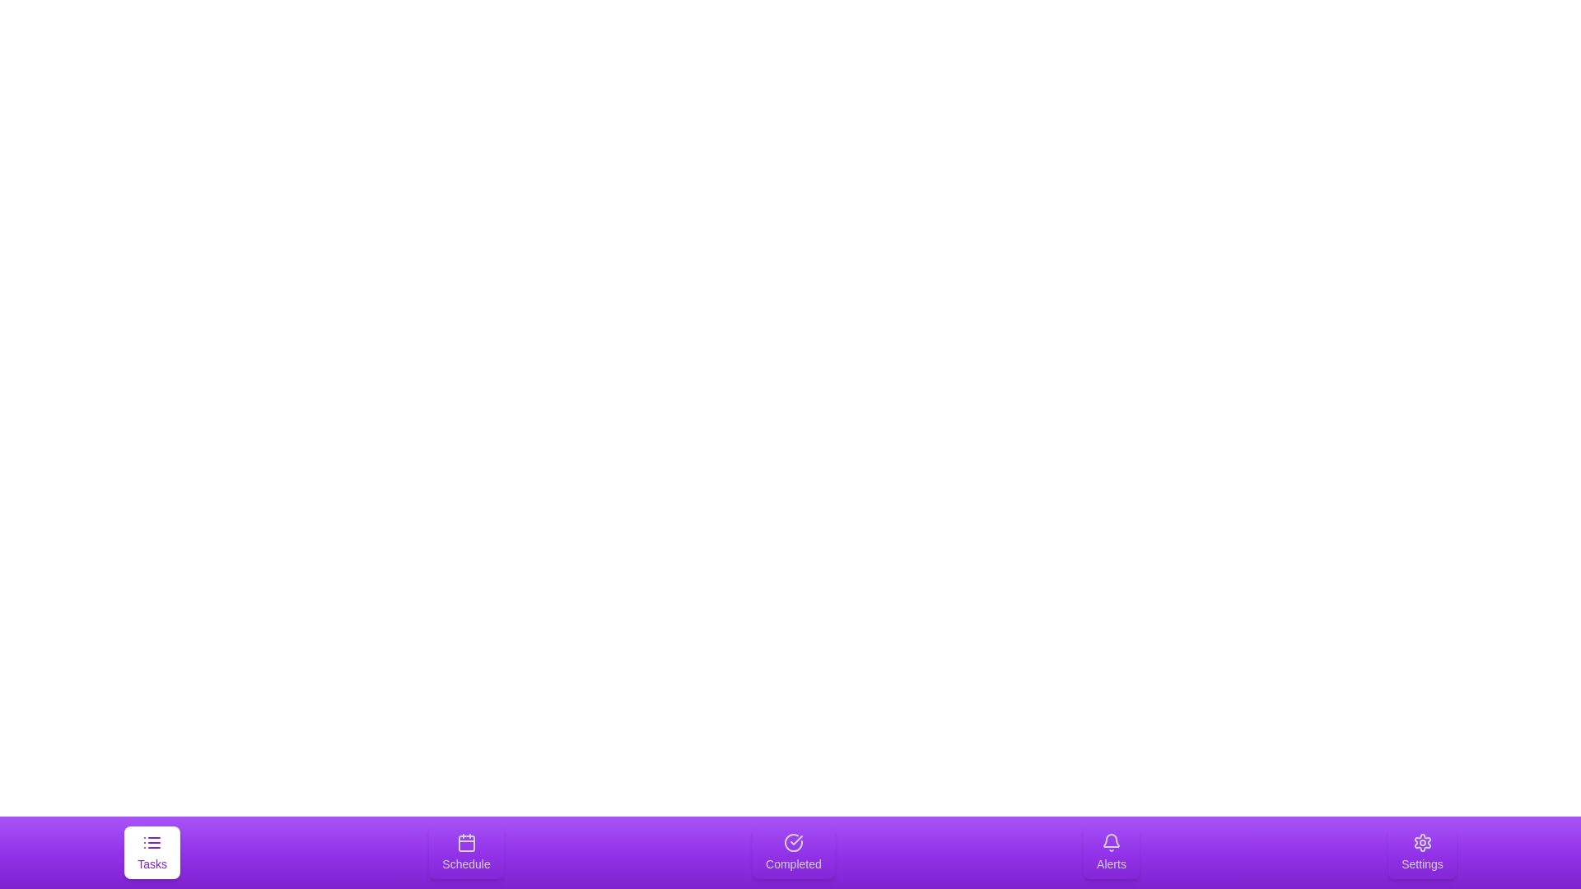 The height and width of the screenshot is (889, 1581). What do you see at coordinates (465, 852) in the screenshot?
I see `the Schedule tab to select it` at bounding box center [465, 852].